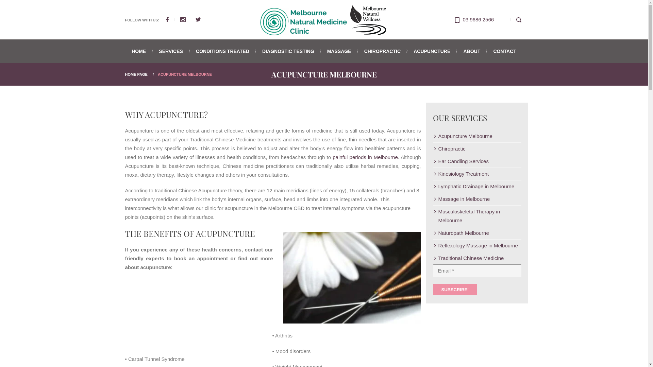 The image size is (653, 367). What do you see at coordinates (476, 270) in the screenshot?
I see `'Email'` at bounding box center [476, 270].